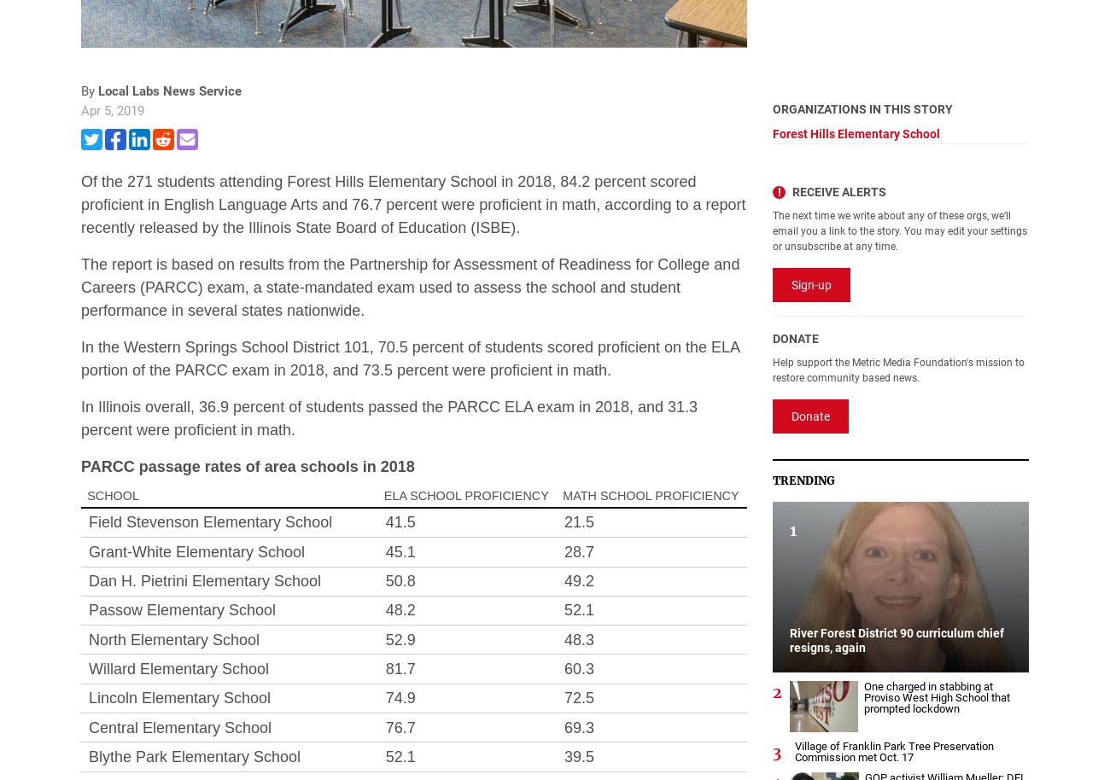  Describe the element at coordinates (900, 230) in the screenshot. I see `'The next time we write about any of these orgs, we’ll email you a link to the story. You may edit your settings or unsubscribe at any time.'` at that location.